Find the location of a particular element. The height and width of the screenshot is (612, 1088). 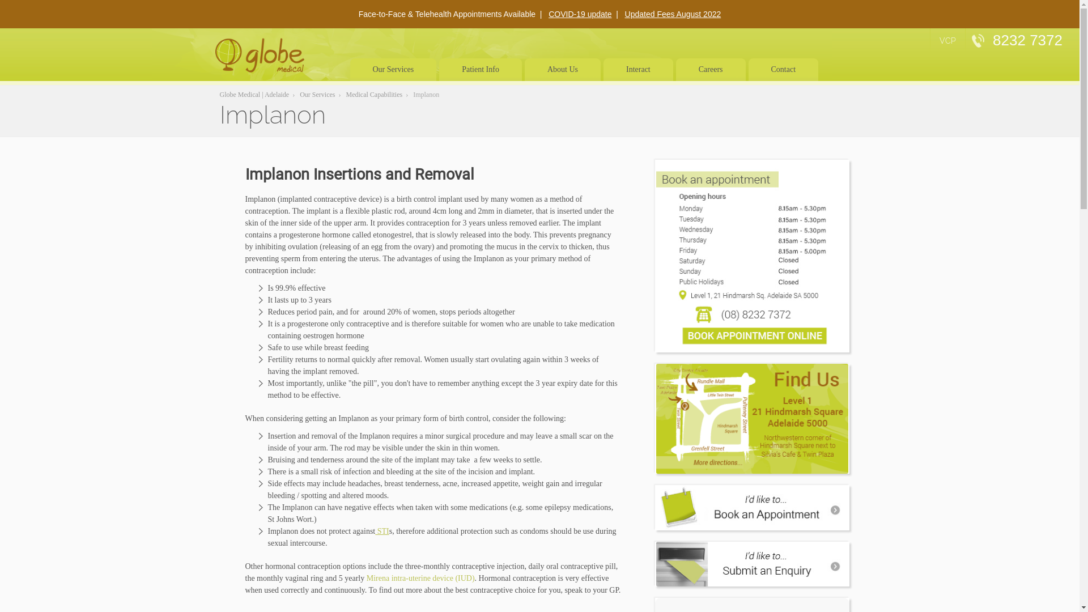

'Mirena intra-uterine device (IUD)' is located at coordinates (420, 578).